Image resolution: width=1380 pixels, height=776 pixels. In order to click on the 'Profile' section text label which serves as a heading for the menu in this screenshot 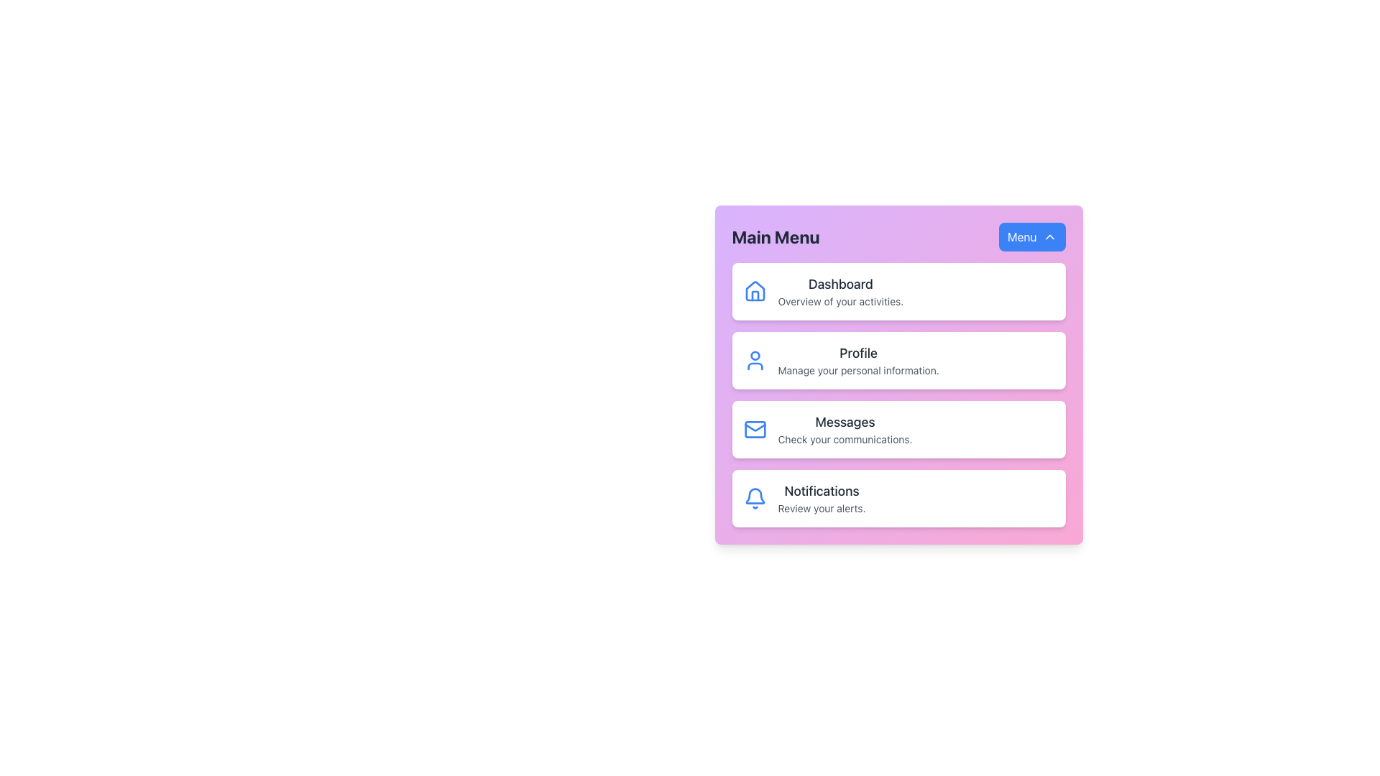, I will do `click(858, 354)`.